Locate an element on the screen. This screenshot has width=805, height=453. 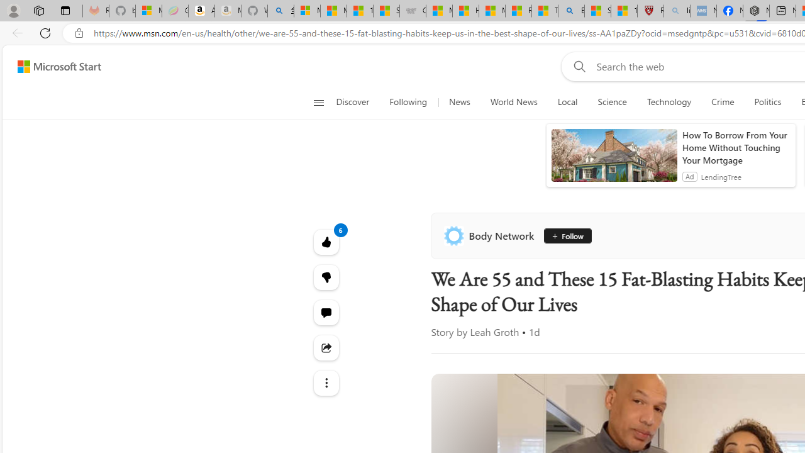
'Follow' is located at coordinates (562, 236).